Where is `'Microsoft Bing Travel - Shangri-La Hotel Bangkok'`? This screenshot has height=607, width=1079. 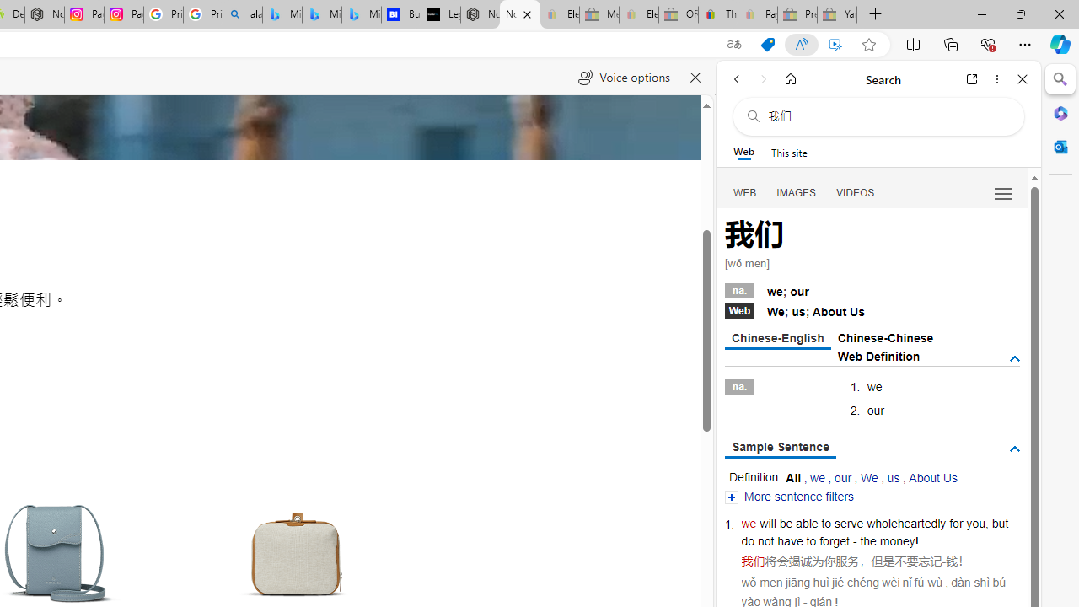 'Microsoft Bing Travel - Shangri-La Hotel Bangkok' is located at coordinates (360, 14).